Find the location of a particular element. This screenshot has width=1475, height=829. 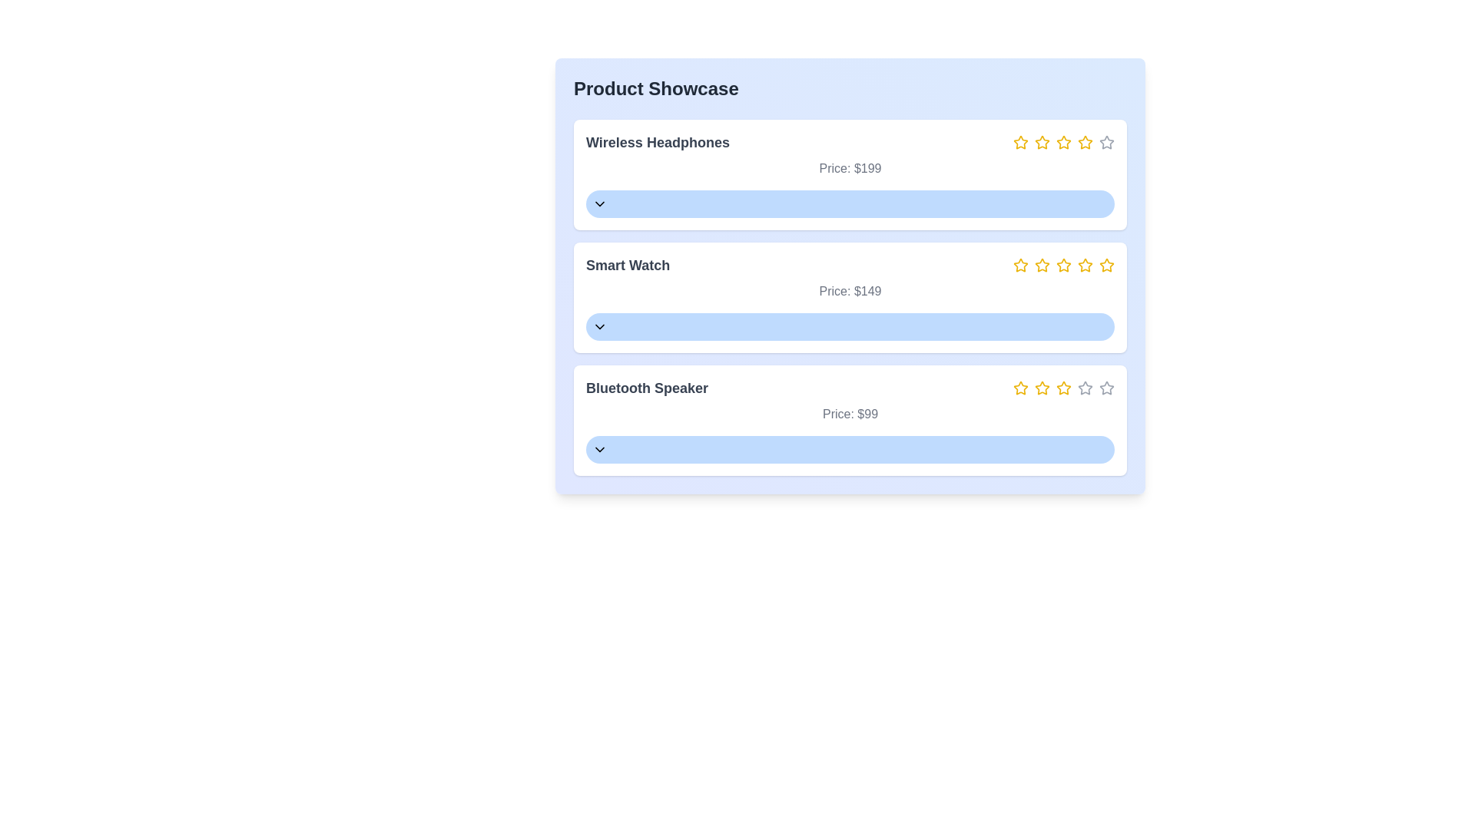

the downward-pointing chevron SVG icon located in the third product card labeled 'Bluetooth Speaker' is located at coordinates (599, 449).